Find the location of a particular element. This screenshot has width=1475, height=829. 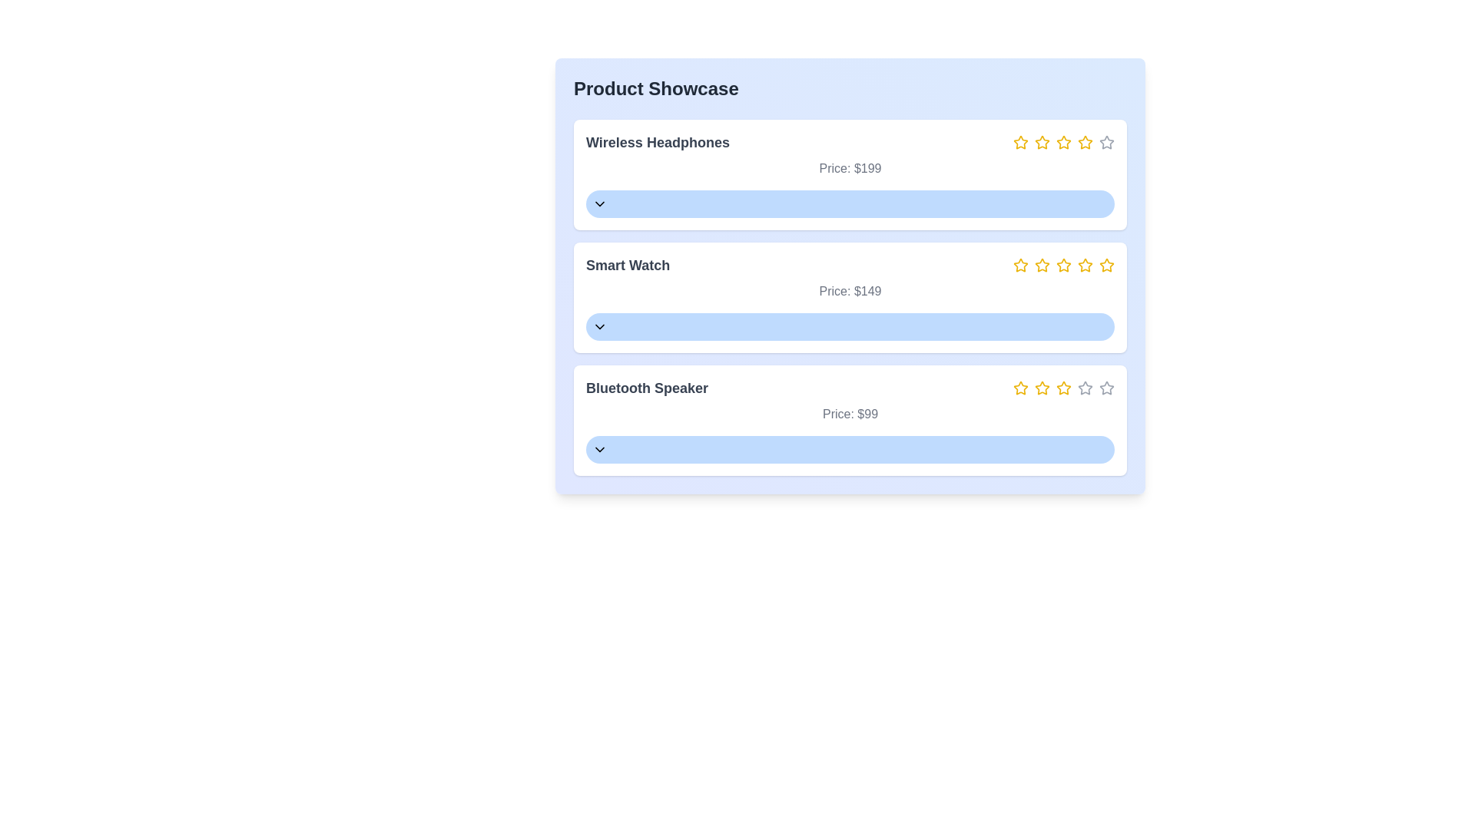

the downward-pointing chevron SVG icon located in the third product card labeled 'Bluetooth Speaker' is located at coordinates (599, 449).